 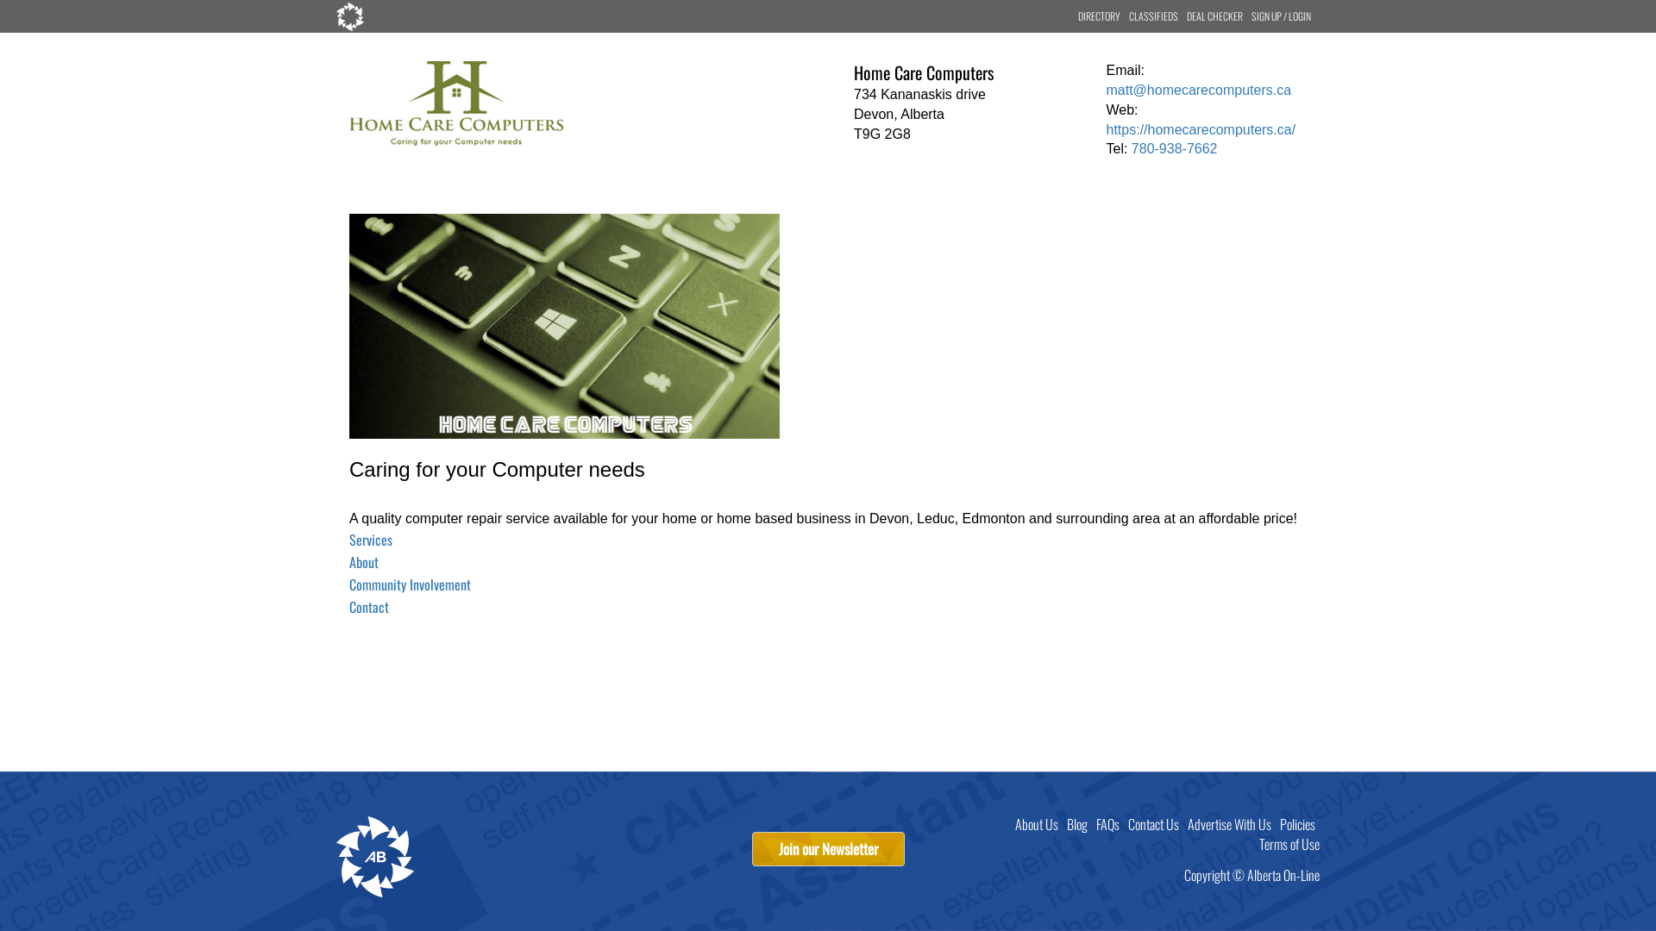 I want to click on 'Blog', so click(x=1076, y=823).